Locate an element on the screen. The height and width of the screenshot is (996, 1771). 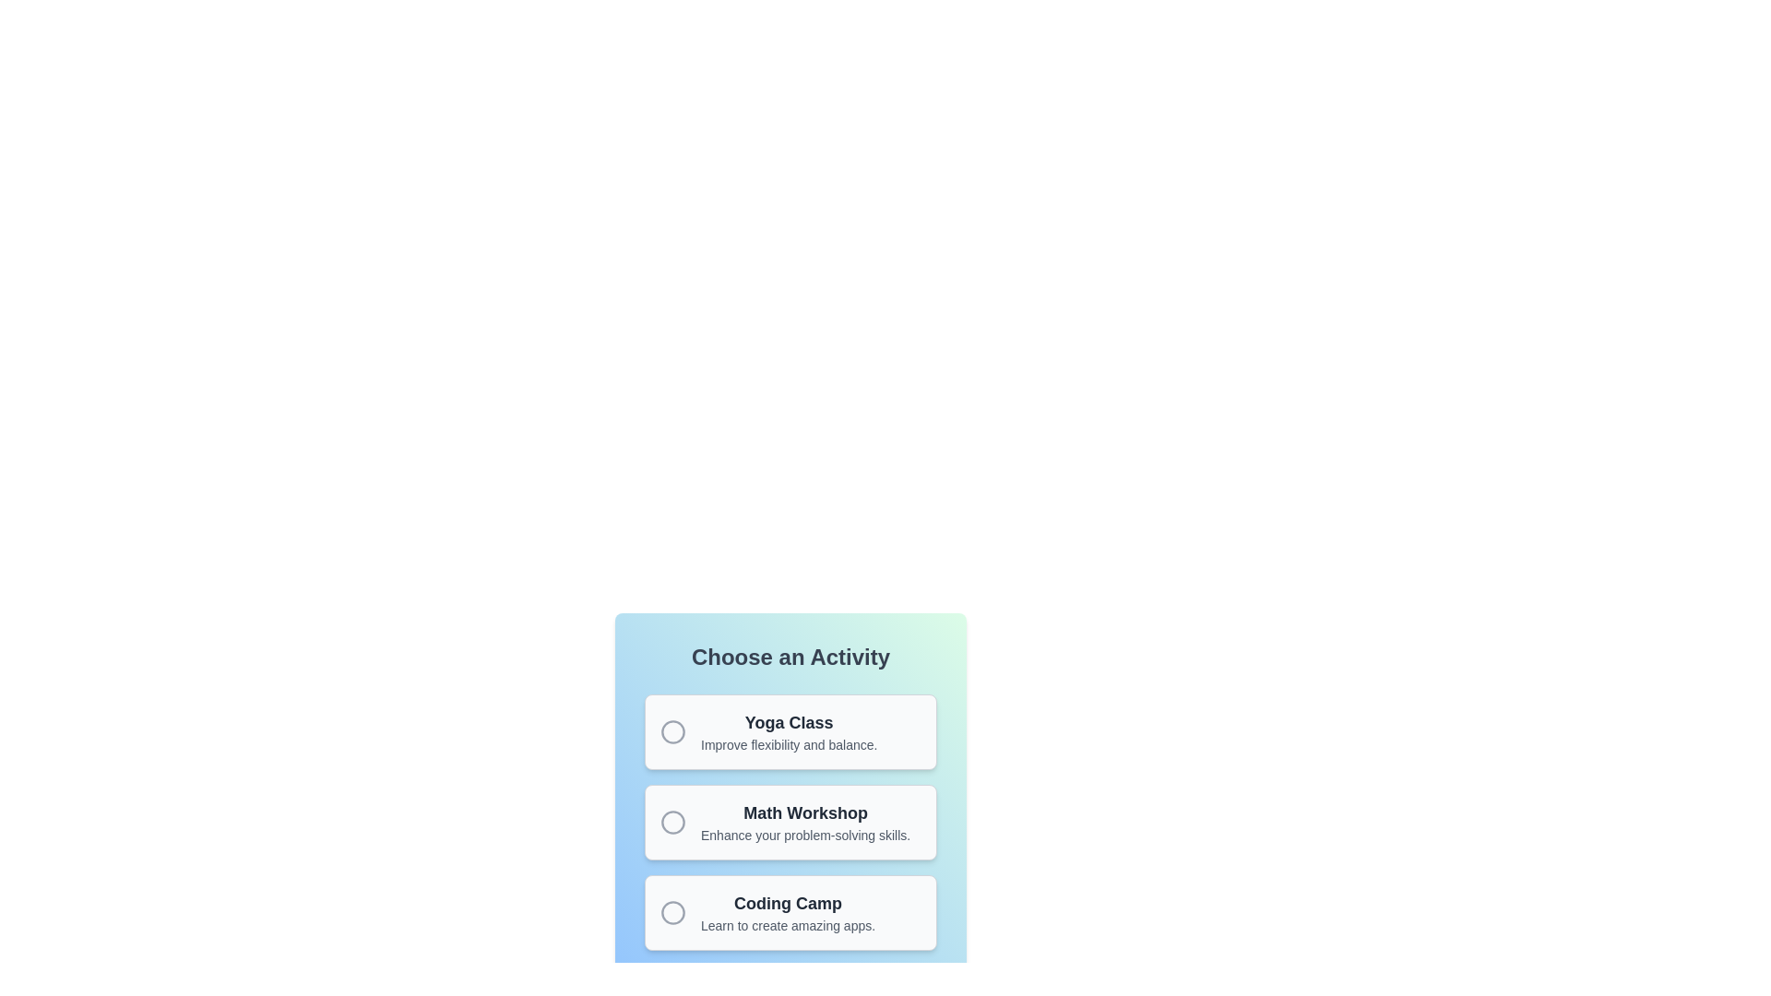
the 'Coding Camp' radio button is located at coordinates (672, 913).